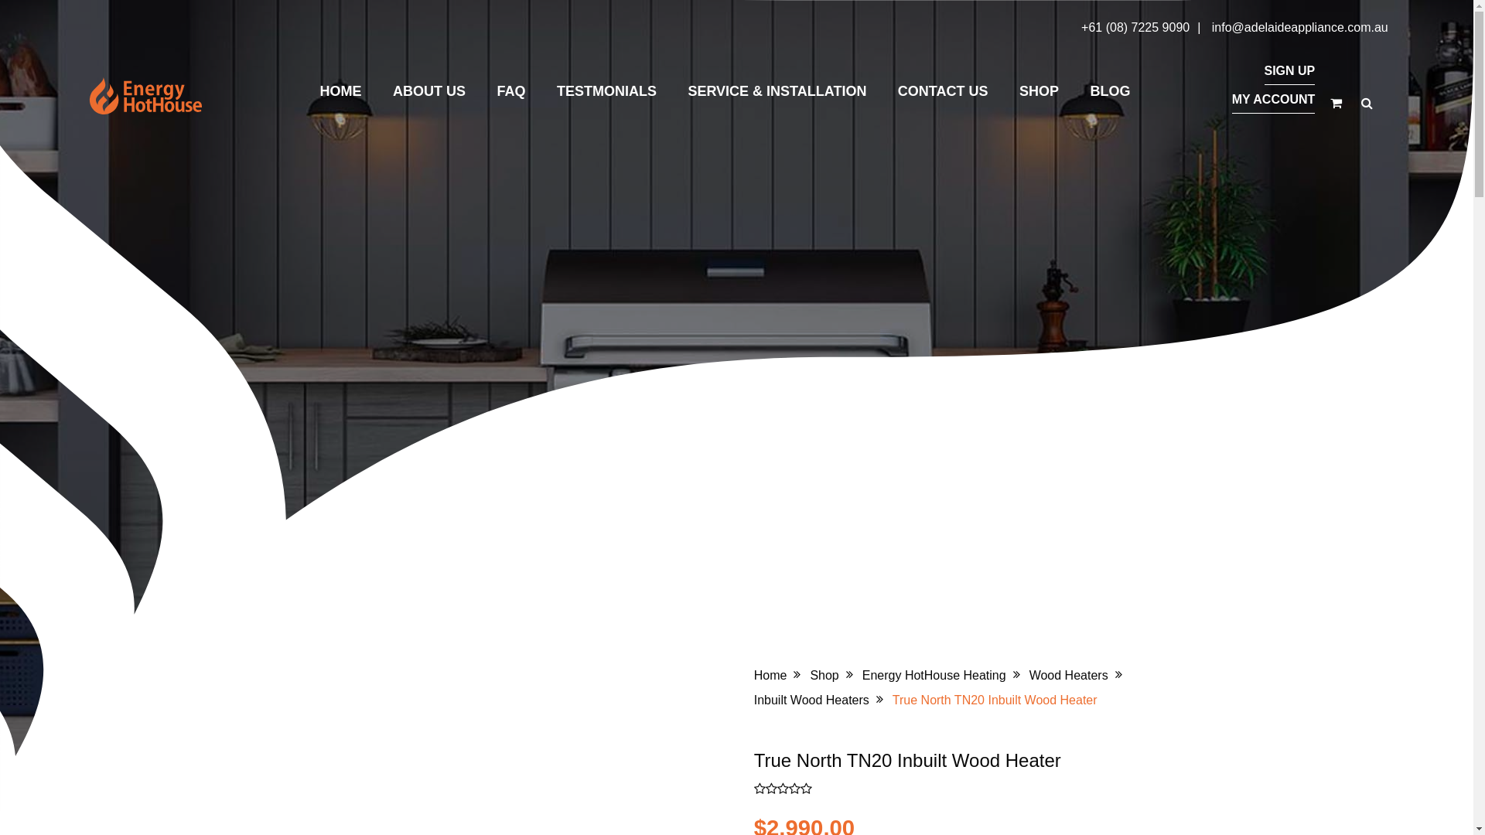 The height and width of the screenshot is (835, 1485). I want to click on 'Wood Heaters', so click(1068, 674).